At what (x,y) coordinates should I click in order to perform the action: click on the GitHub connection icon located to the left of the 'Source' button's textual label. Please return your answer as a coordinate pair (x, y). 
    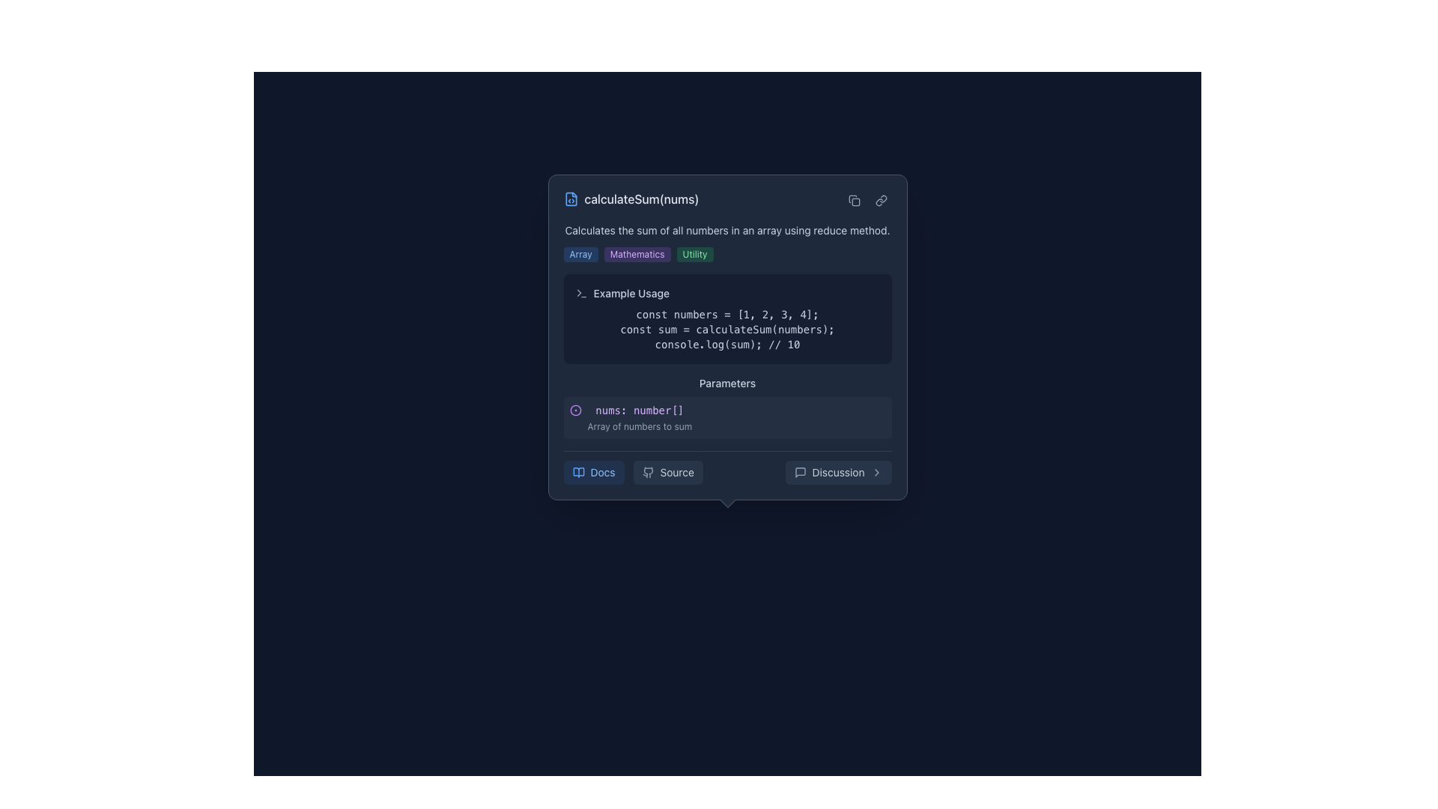
    Looking at the image, I should click on (648, 473).